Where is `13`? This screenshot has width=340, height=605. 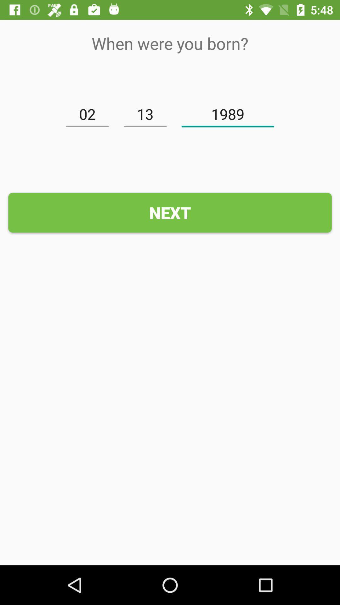 13 is located at coordinates (145, 114).